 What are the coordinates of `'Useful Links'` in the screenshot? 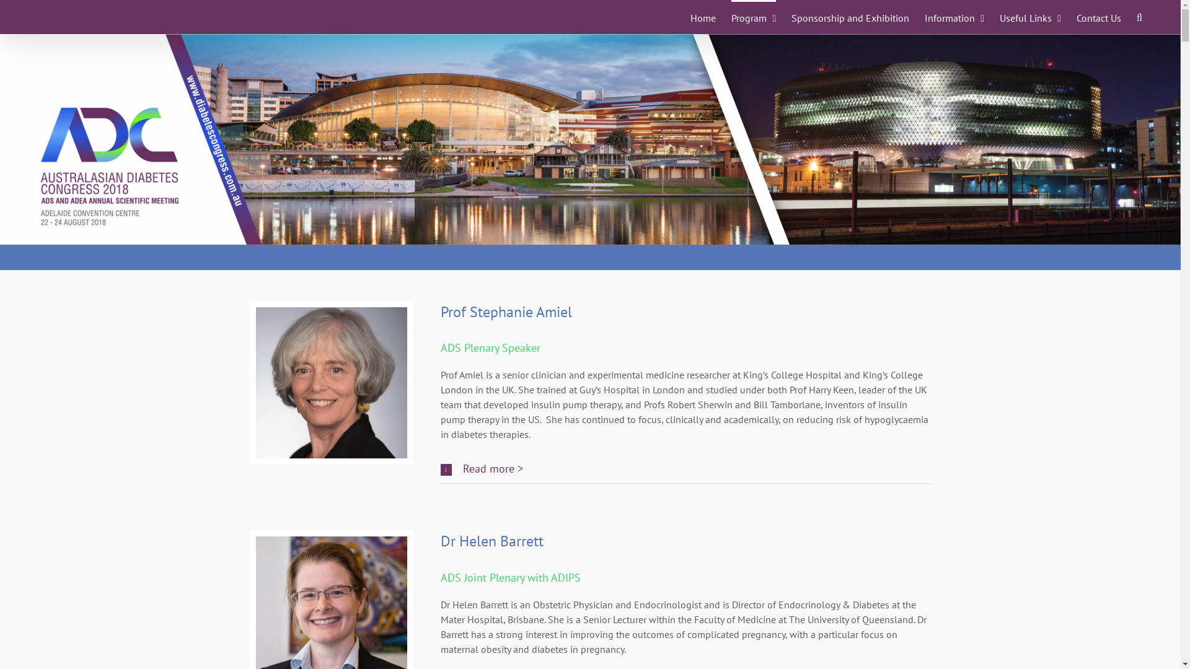 It's located at (1030, 17).